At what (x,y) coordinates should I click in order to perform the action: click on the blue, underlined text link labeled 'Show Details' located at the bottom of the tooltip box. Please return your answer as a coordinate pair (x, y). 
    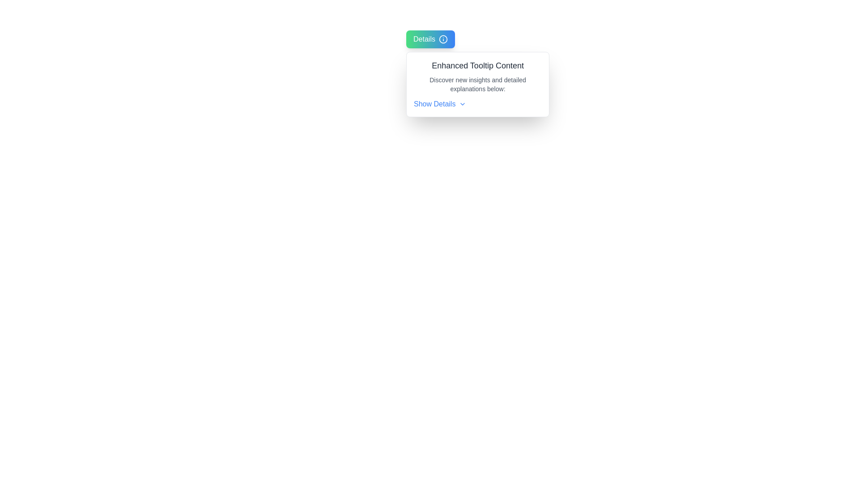
    Looking at the image, I should click on (440, 103).